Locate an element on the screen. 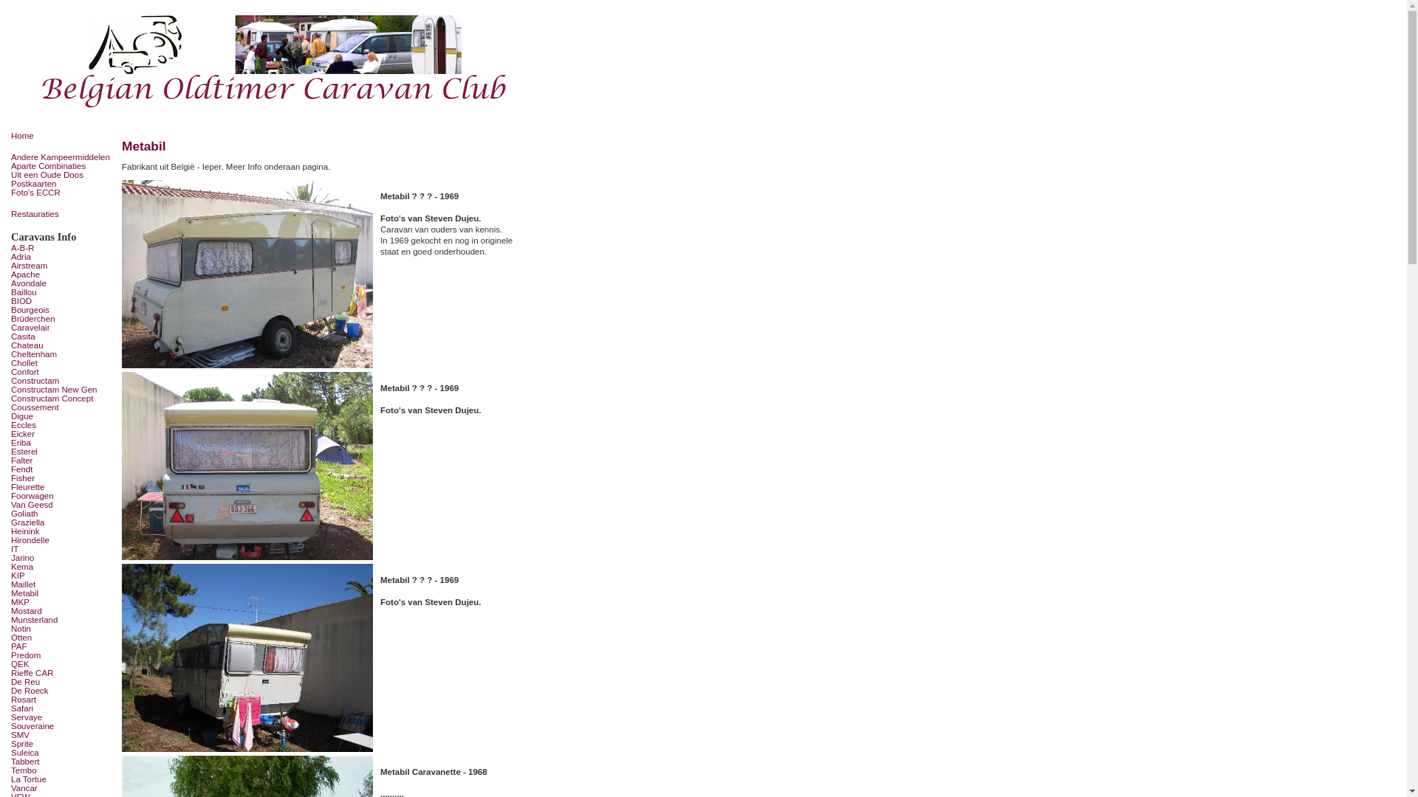 Image resolution: width=1418 pixels, height=797 pixels. 'Confort' is located at coordinates (62, 371).